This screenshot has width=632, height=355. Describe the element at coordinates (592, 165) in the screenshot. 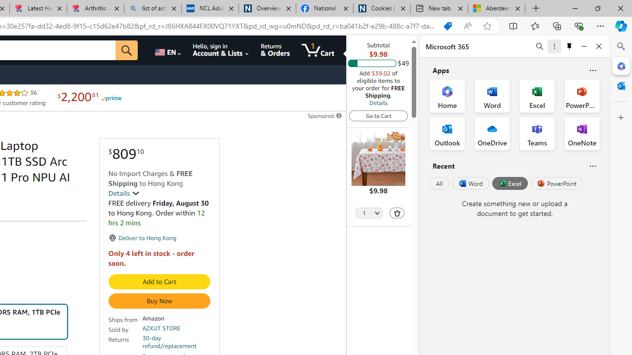

I see `'Is this helpful?'` at that location.